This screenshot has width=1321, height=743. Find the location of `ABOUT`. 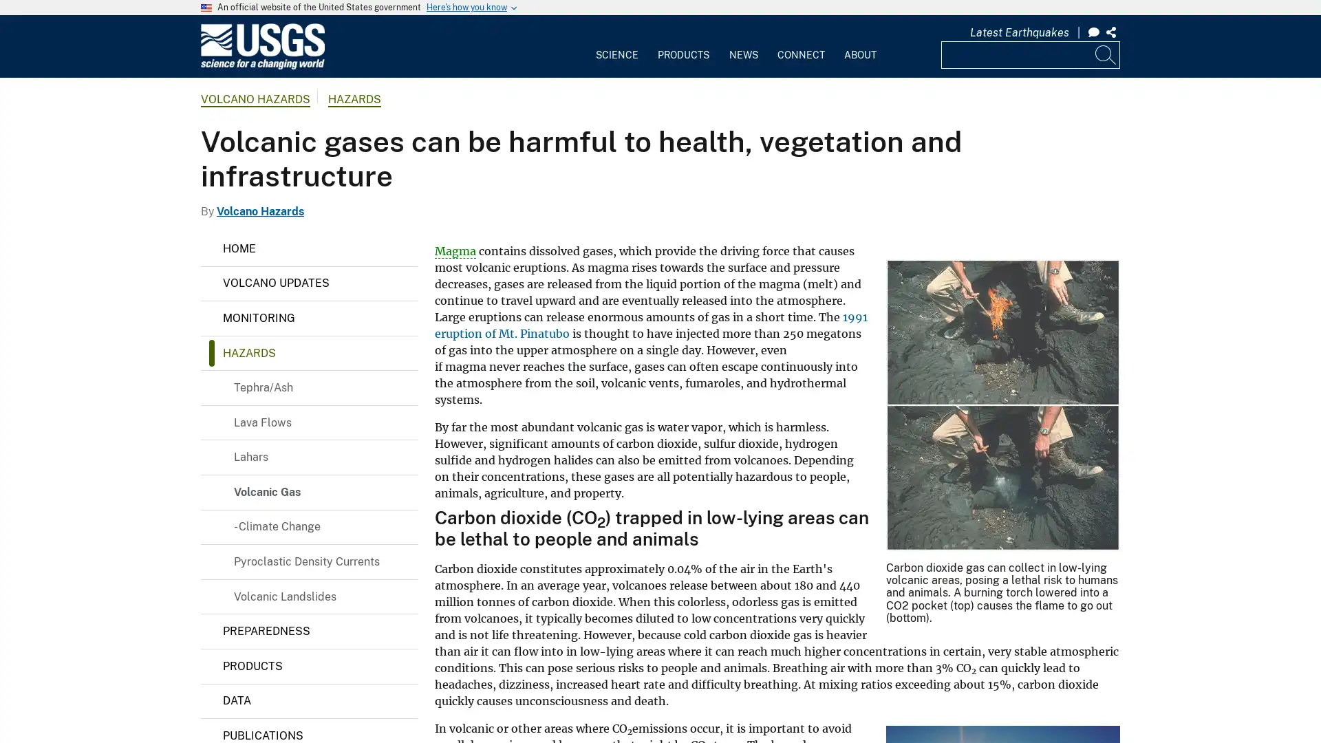

ABOUT is located at coordinates (859, 45).